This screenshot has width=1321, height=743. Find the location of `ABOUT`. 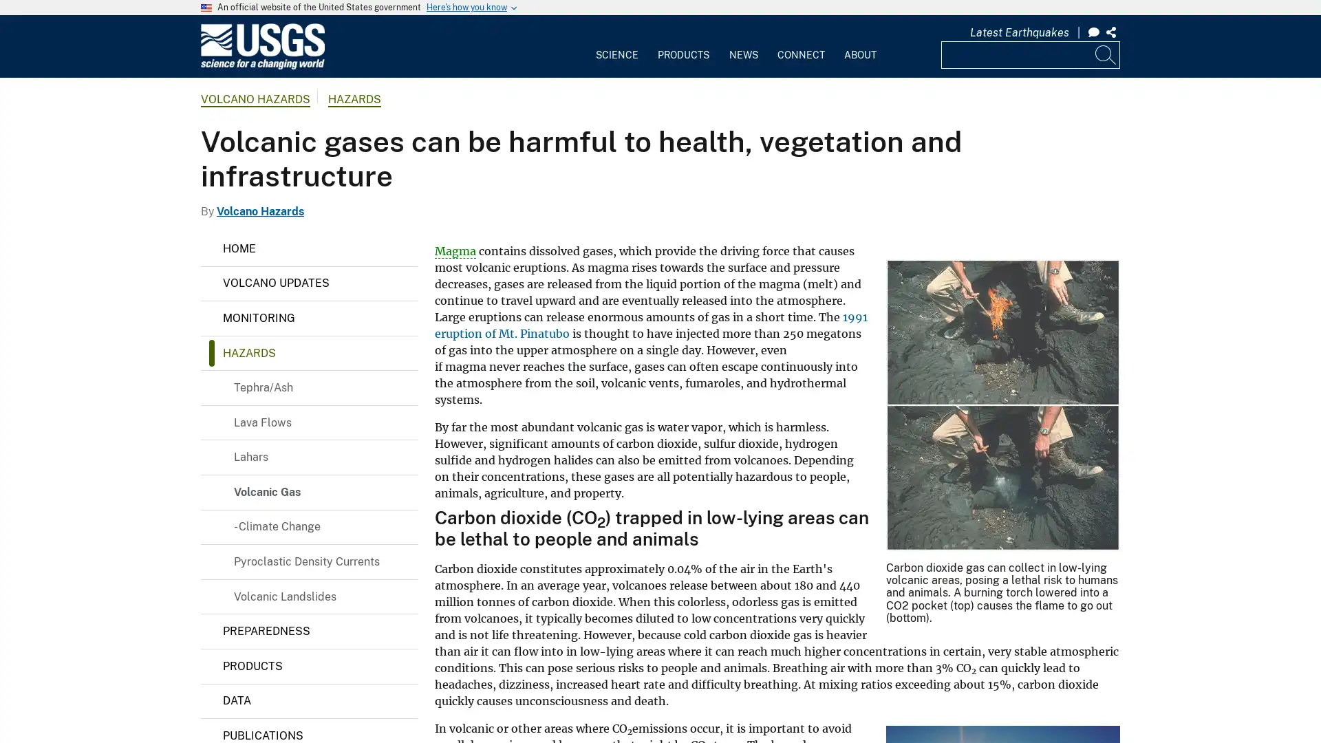

ABOUT is located at coordinates (859, 45).